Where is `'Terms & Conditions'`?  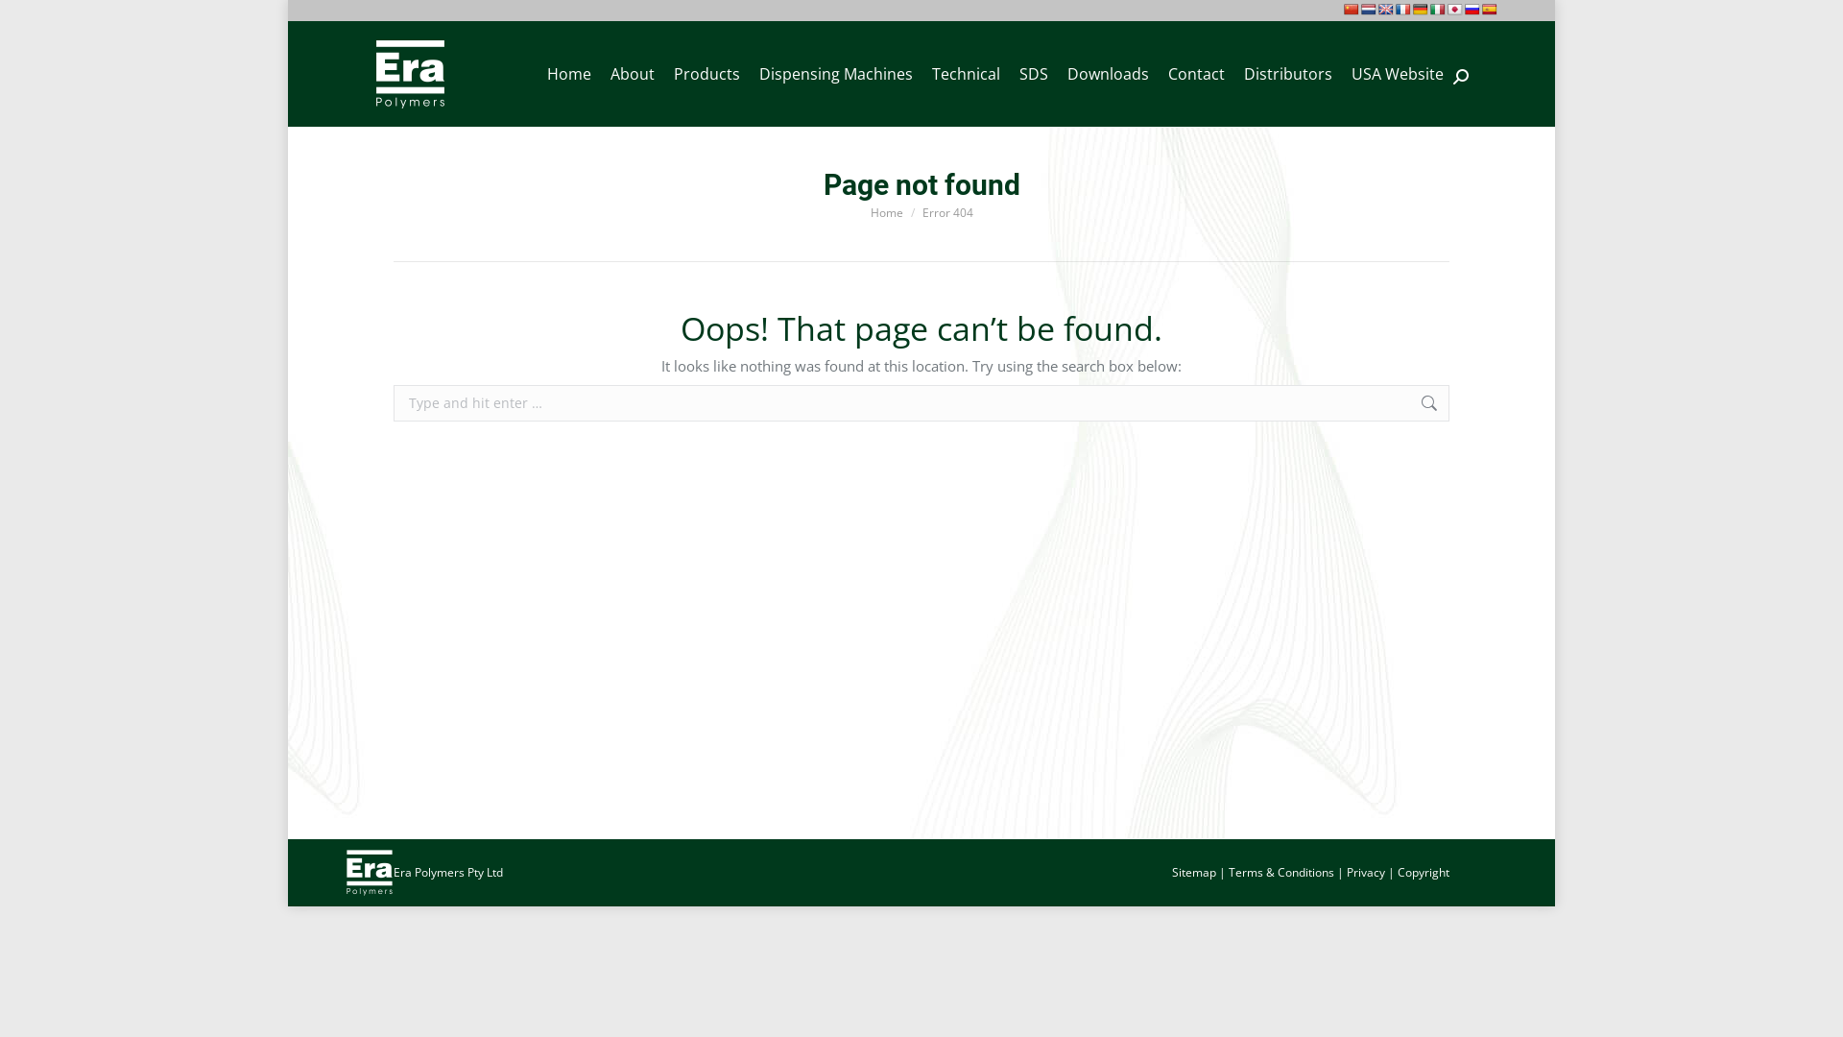 'Terms & Conditions' is located at coordinates (1281, 872).